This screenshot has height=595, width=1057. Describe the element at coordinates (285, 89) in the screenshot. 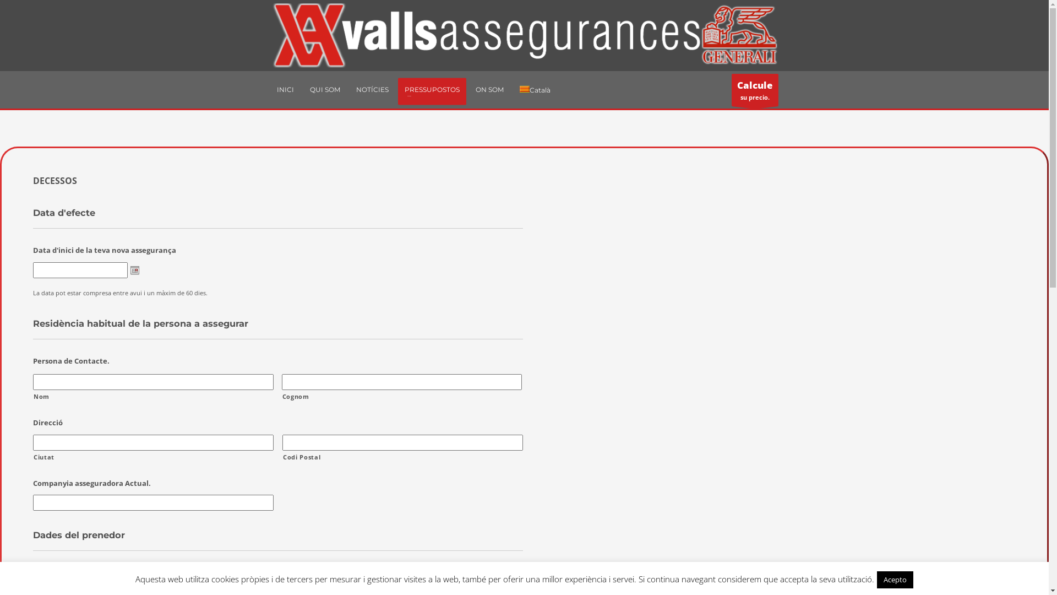

I see `'INICI'` at that location.